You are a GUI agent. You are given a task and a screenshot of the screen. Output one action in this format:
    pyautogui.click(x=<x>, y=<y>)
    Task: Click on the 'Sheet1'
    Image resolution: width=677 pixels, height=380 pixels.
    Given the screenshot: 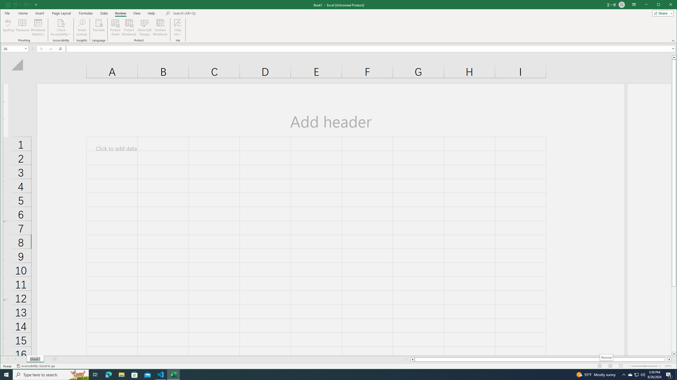 What is the action you would take?
    pyautogui.click(x=35, y=359)
    